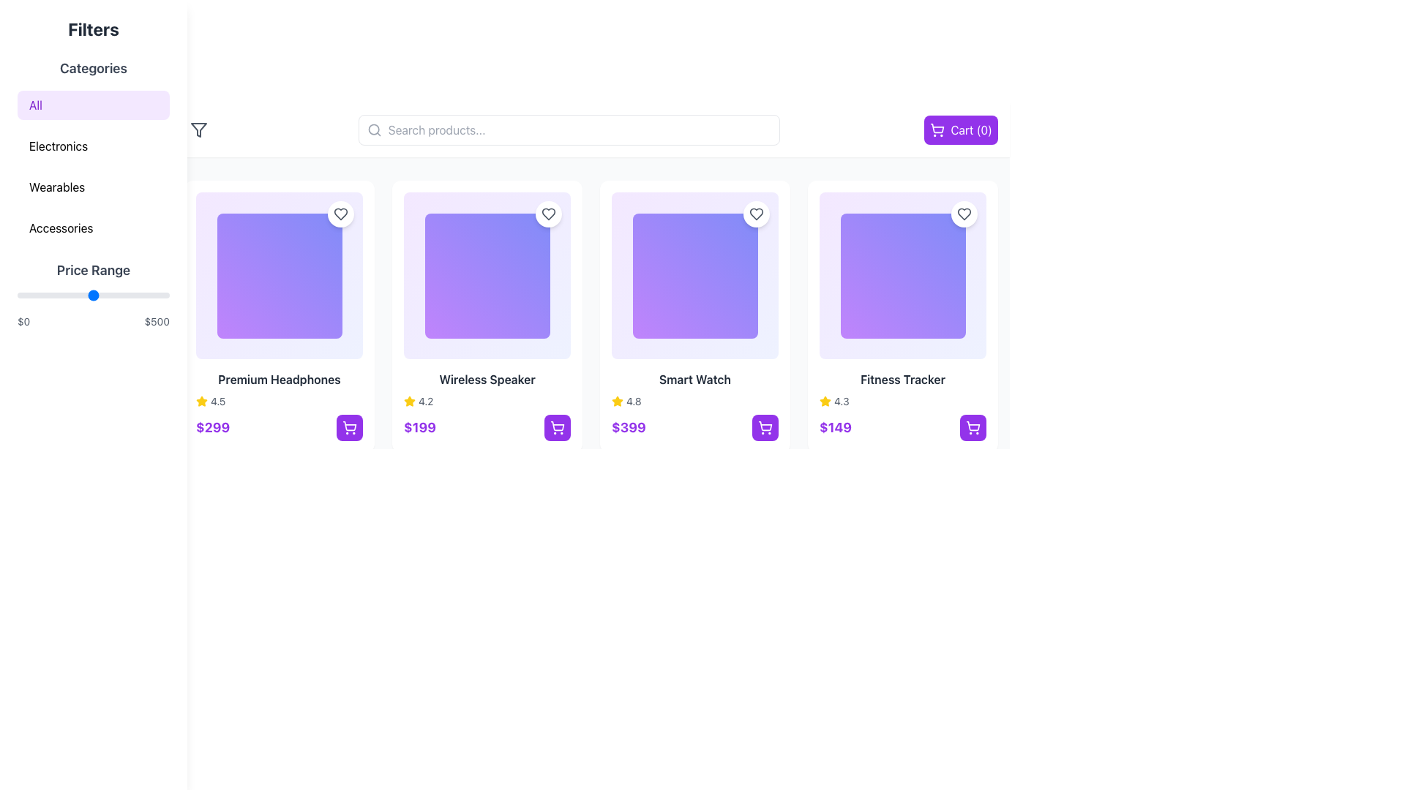  What do you see at coordinates (547, 214) in the screenshot?
I see `the heart icon in the top-right corner of the 'Wireless Speaker' product card to mark it as a favorite` at bounding box center [547, 214].